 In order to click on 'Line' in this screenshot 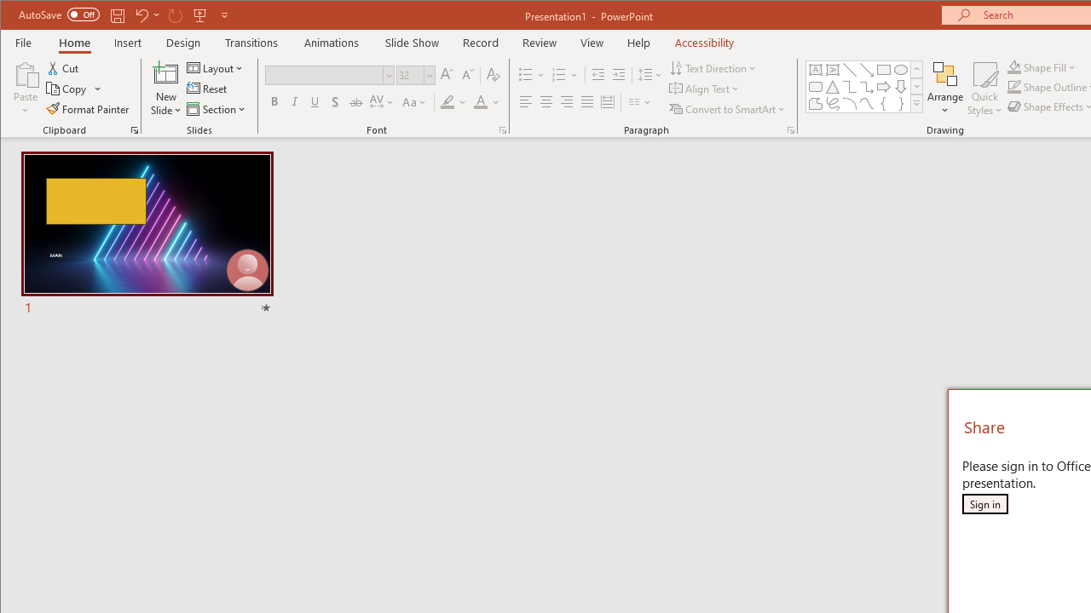, I will do `click(850, 69)`.